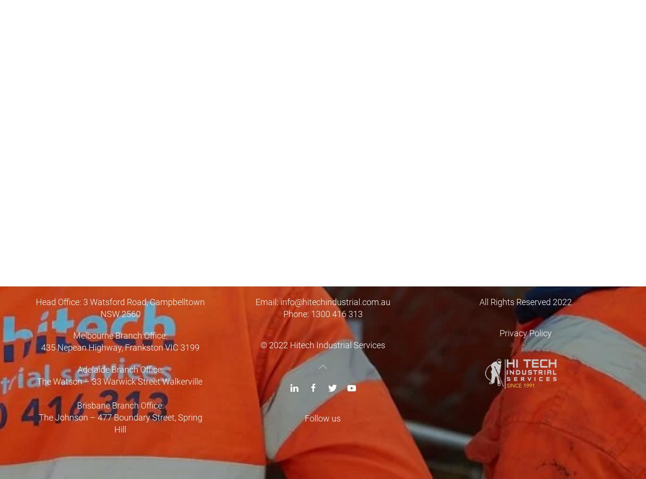 The image size is (646, 479). Describe the element at coordinates (335, 313) in the screenshot. I see `'1300 416 313'` at that location.